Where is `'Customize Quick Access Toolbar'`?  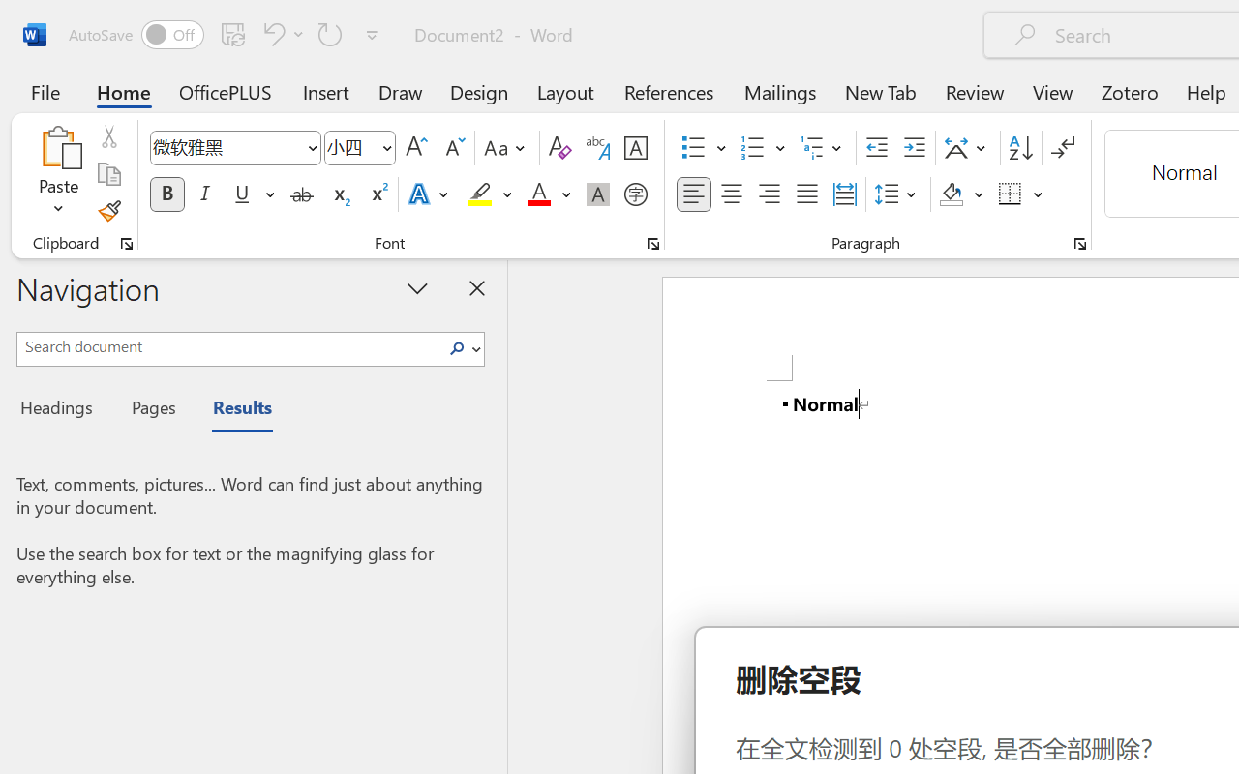 'Customize Quick Access Toolbar' is located at coordinates (372, 34).